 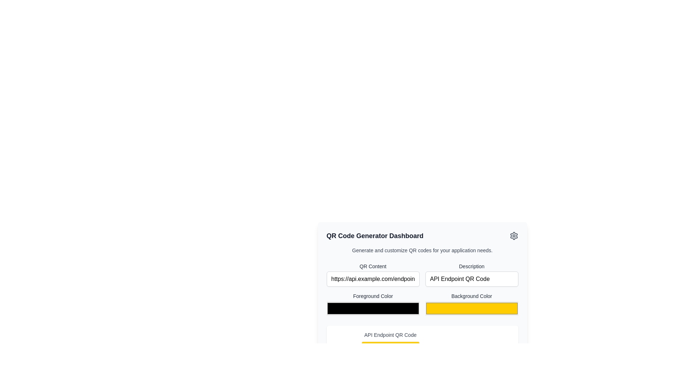 I want to click on static text element located below the title 'QR Code Generator Dashboard' in the dashboard, which provides a summary or instruction for users, so click(x=422, y=250).